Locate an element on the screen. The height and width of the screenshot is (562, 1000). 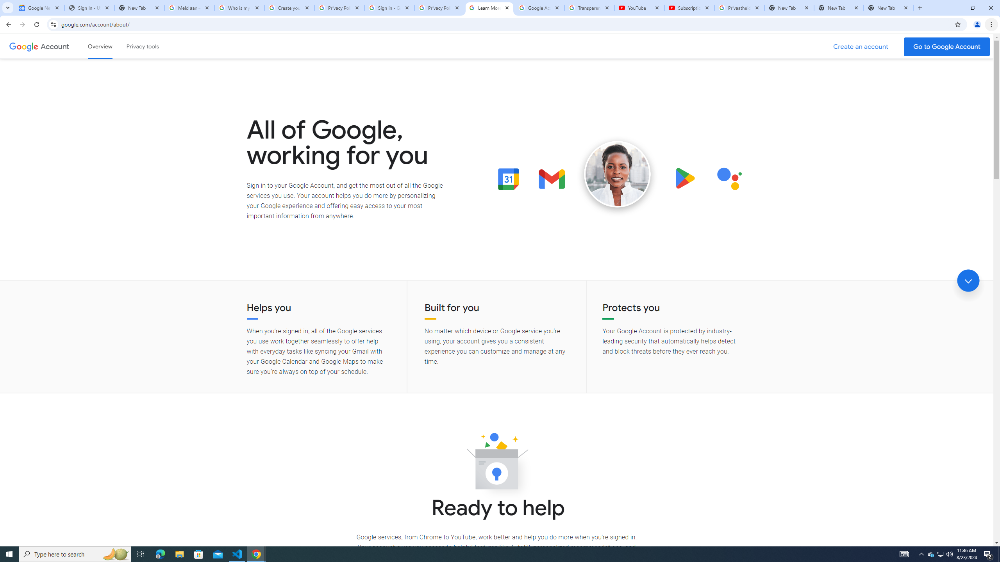
'Who is my administrator? - Google Account Help' is located at coordinates (239, 7).